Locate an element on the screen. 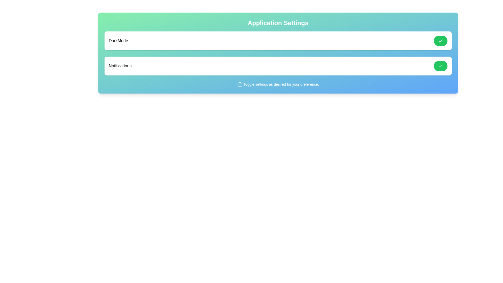  the DarkMode toggle button to change its state is located at coordinates (440, 40).